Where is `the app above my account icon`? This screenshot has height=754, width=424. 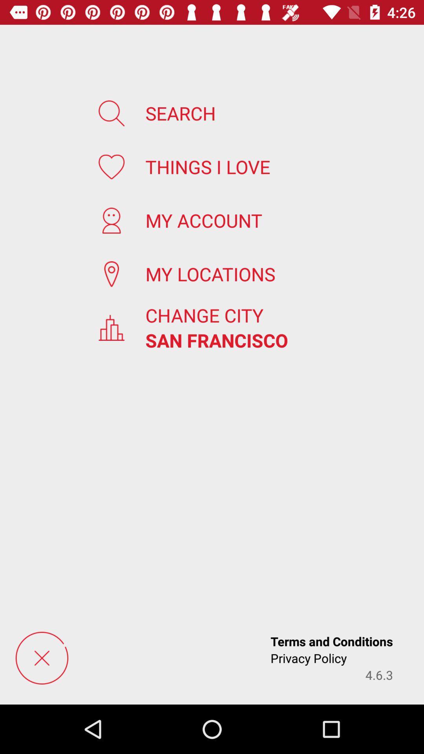
the app above my account icon is located at coordinates (207, 166).